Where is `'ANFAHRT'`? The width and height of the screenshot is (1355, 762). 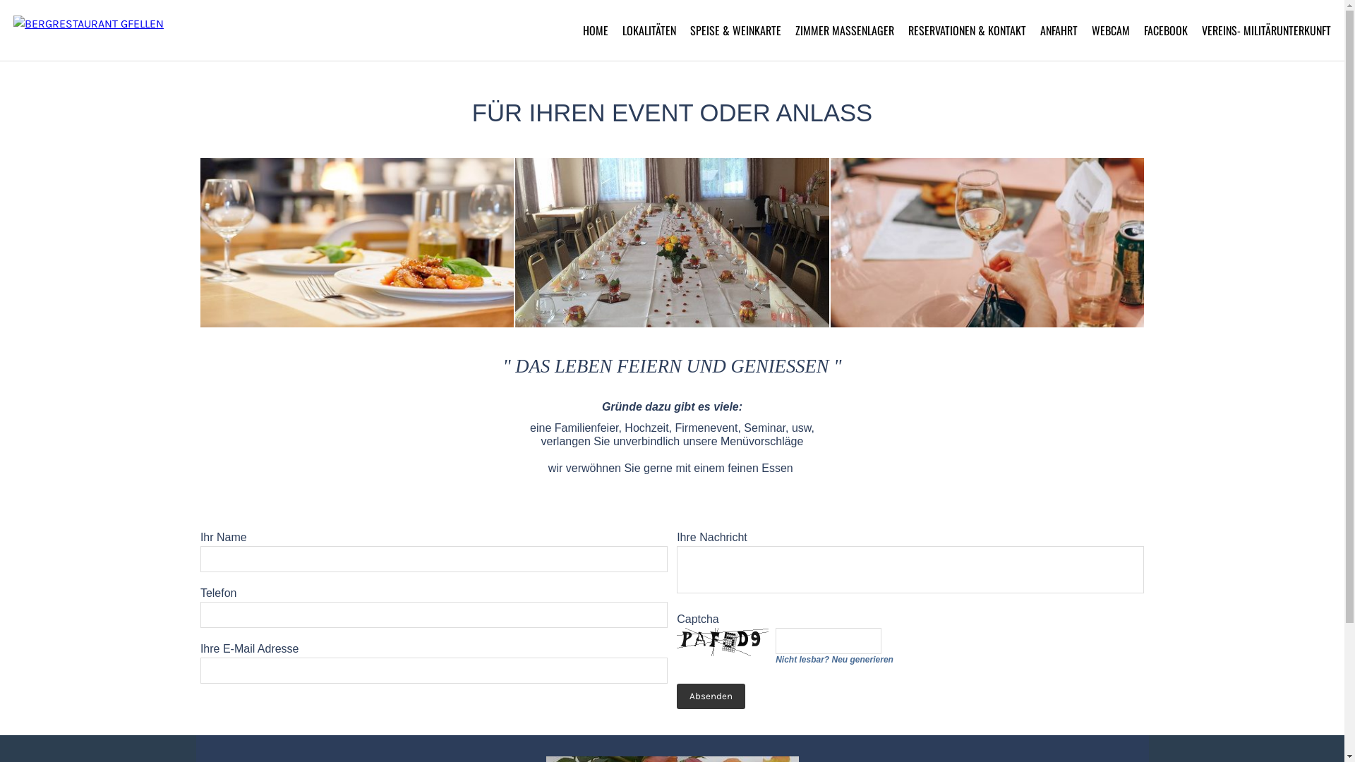
'ANFAHRT' is located at coordinates (1059, 30).